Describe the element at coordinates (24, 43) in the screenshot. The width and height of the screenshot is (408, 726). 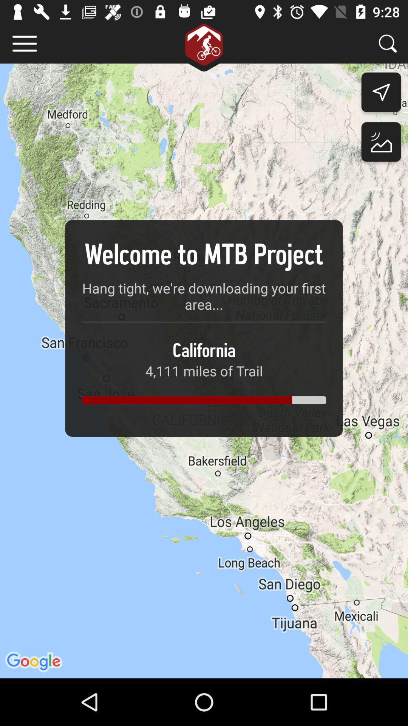
I see `click for options` at that location.